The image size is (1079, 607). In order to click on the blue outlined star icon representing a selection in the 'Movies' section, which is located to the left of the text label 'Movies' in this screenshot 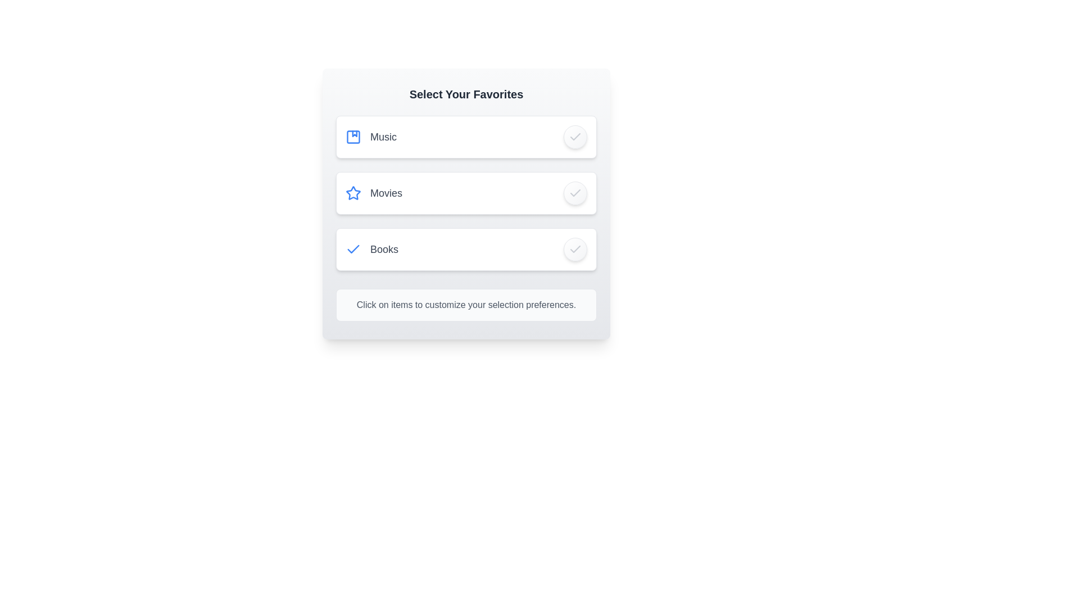, I will do `click(352, 192)`.